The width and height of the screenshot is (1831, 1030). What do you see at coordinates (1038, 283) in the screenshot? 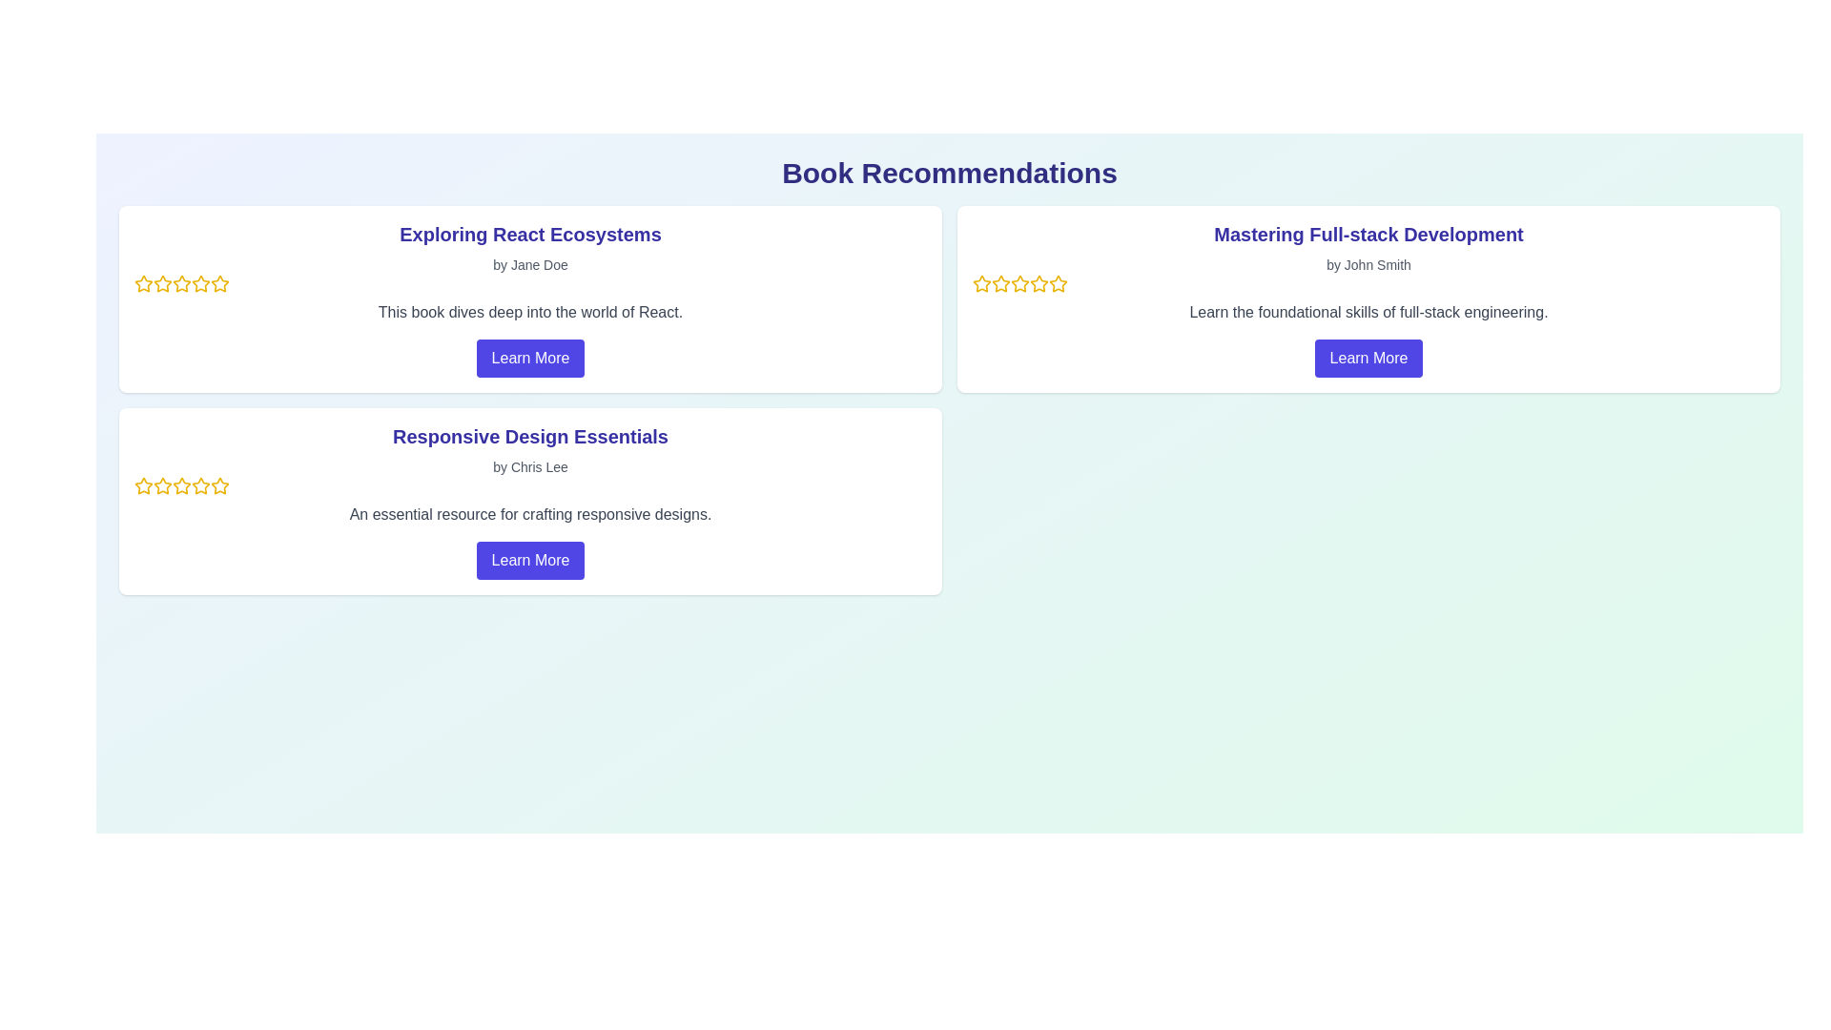
I see `the third star icon` at bounding box center [1038, 283].